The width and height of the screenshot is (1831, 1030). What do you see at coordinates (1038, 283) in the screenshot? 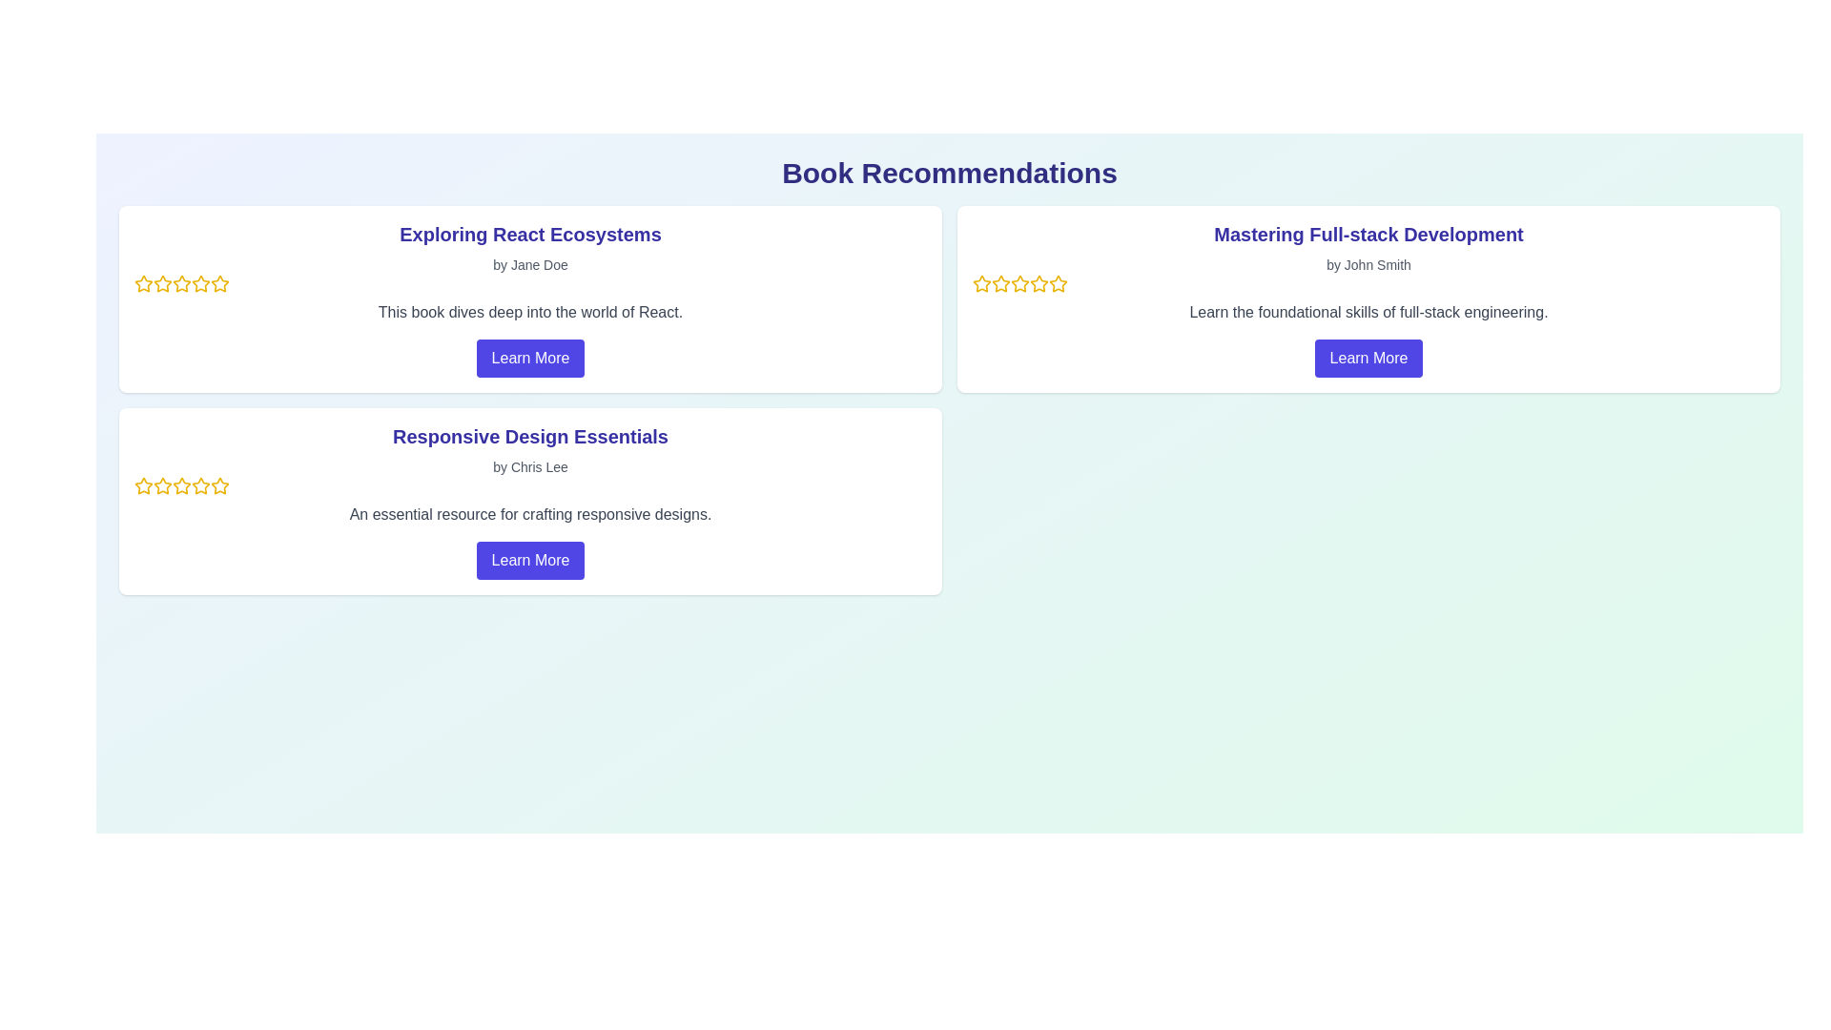
I see `the third star icon` at bounding box center [1038, 283].